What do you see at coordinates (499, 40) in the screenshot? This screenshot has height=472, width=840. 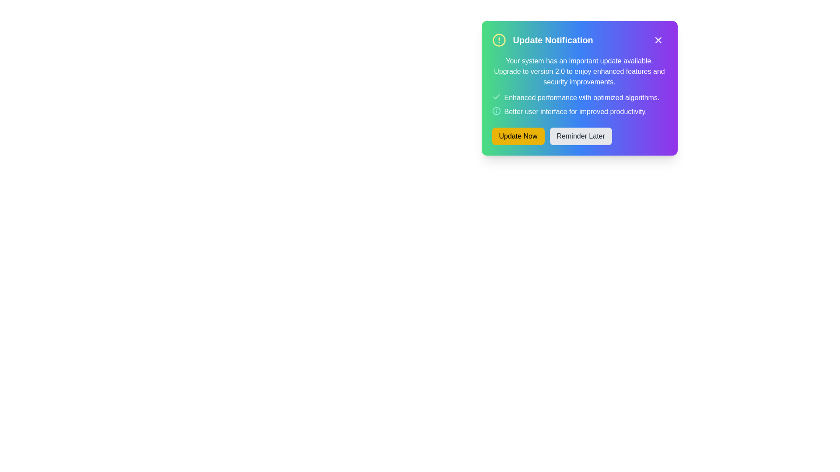 I see `the circular warning icon that resembles a yellow exclamation mark, located to the left of the 'Update Notification' title in the notification box` at bounding box center [499, 40].